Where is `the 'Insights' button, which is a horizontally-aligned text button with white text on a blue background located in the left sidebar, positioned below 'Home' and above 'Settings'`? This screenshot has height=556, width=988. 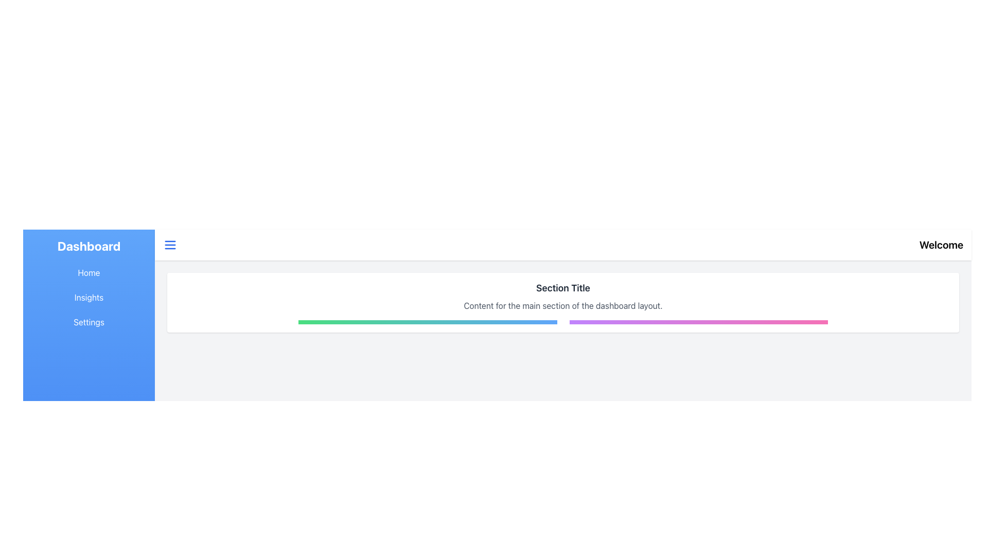 the 'Insights' button, which is a horizontally-aligned text button with white text on a blue background located in the left sidebar, positioned below 'Home' and above 'Settings' is located at coordinates (89, 298).